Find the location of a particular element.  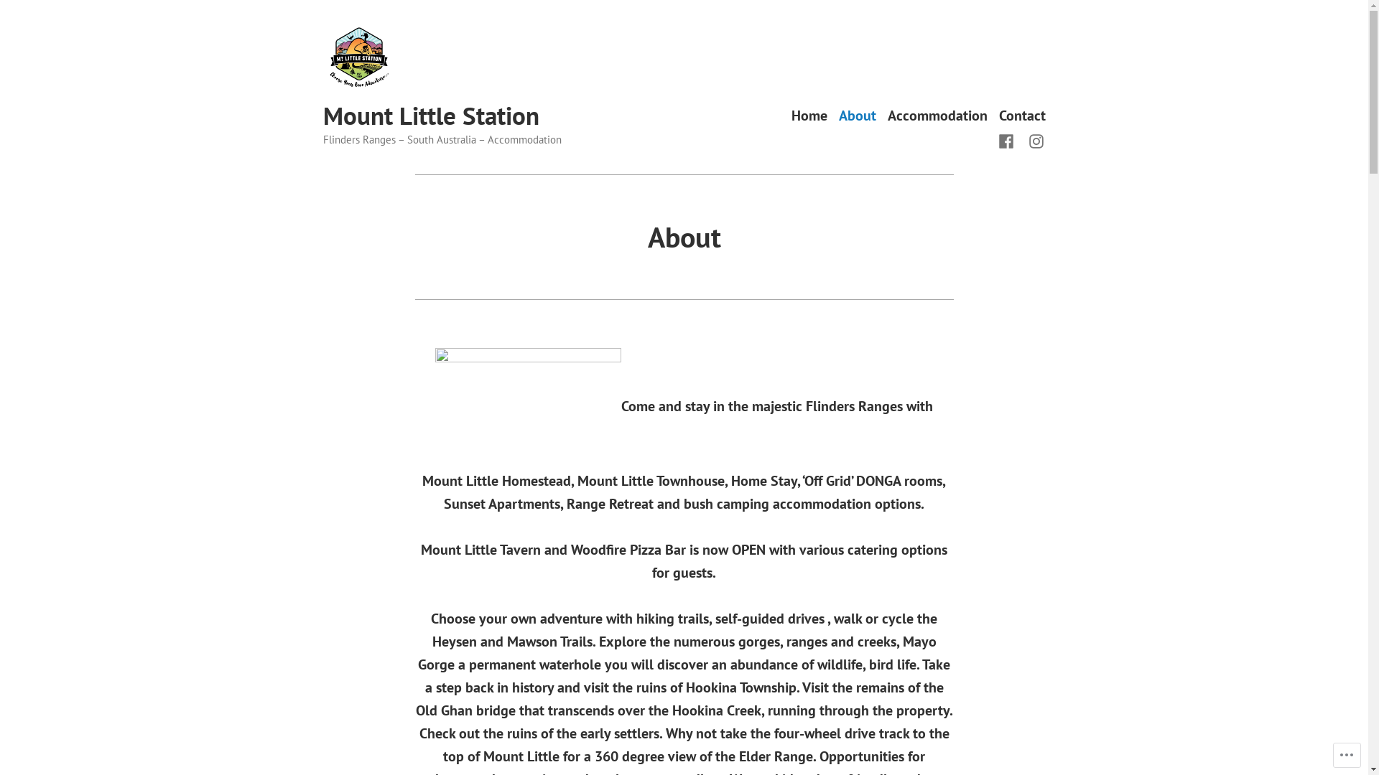

'Contact' is located at coordinates (1021, 115).